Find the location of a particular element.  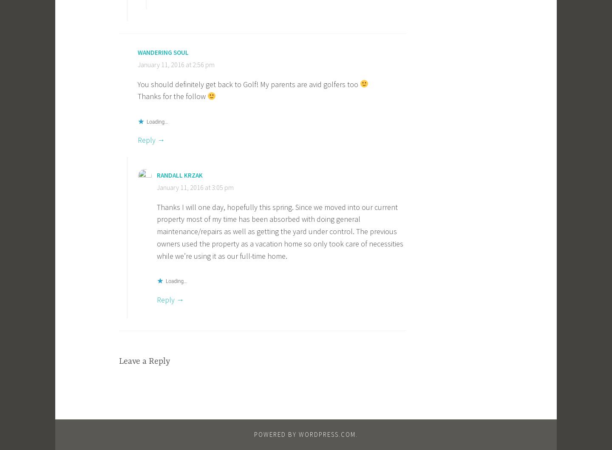

'Leave a Reply' is located at coordinates (144, 361).